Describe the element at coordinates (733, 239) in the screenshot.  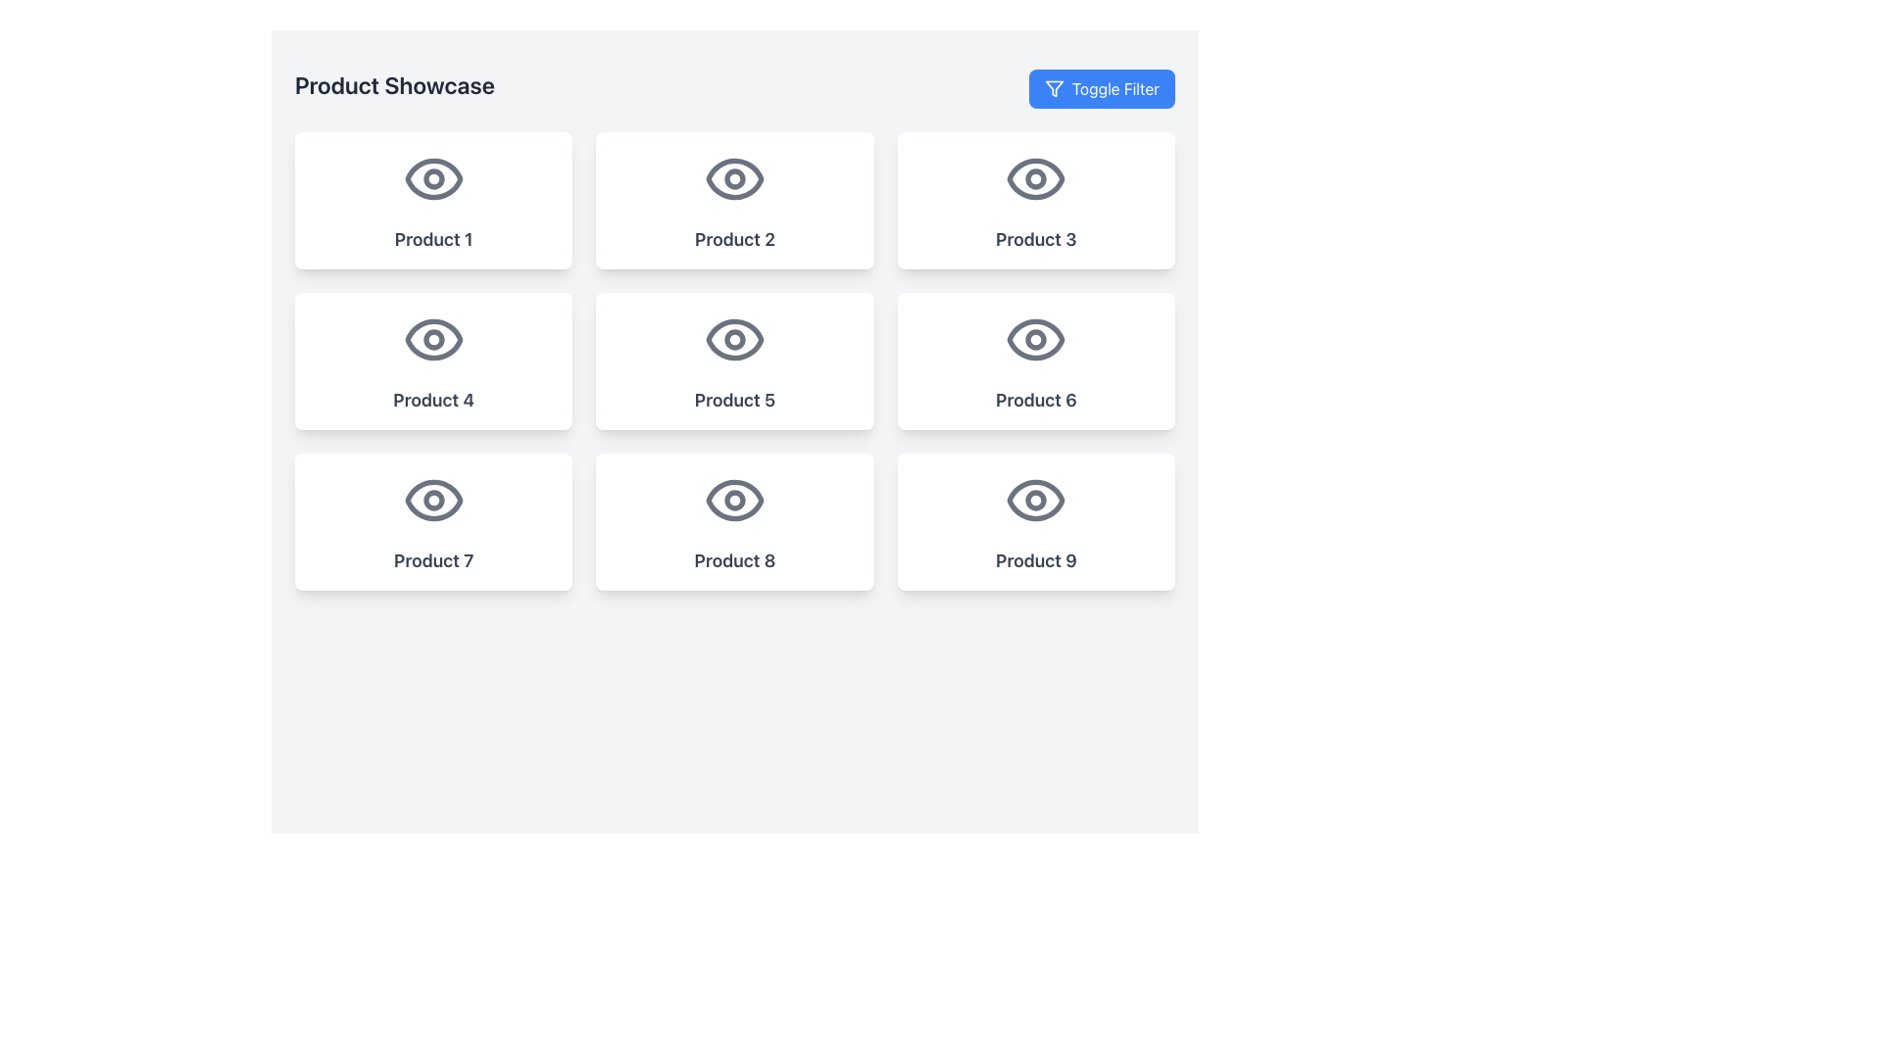
I see `the static text label indicating the product identifier located in the second position of a 3x3 grid layout of cards` at that location.